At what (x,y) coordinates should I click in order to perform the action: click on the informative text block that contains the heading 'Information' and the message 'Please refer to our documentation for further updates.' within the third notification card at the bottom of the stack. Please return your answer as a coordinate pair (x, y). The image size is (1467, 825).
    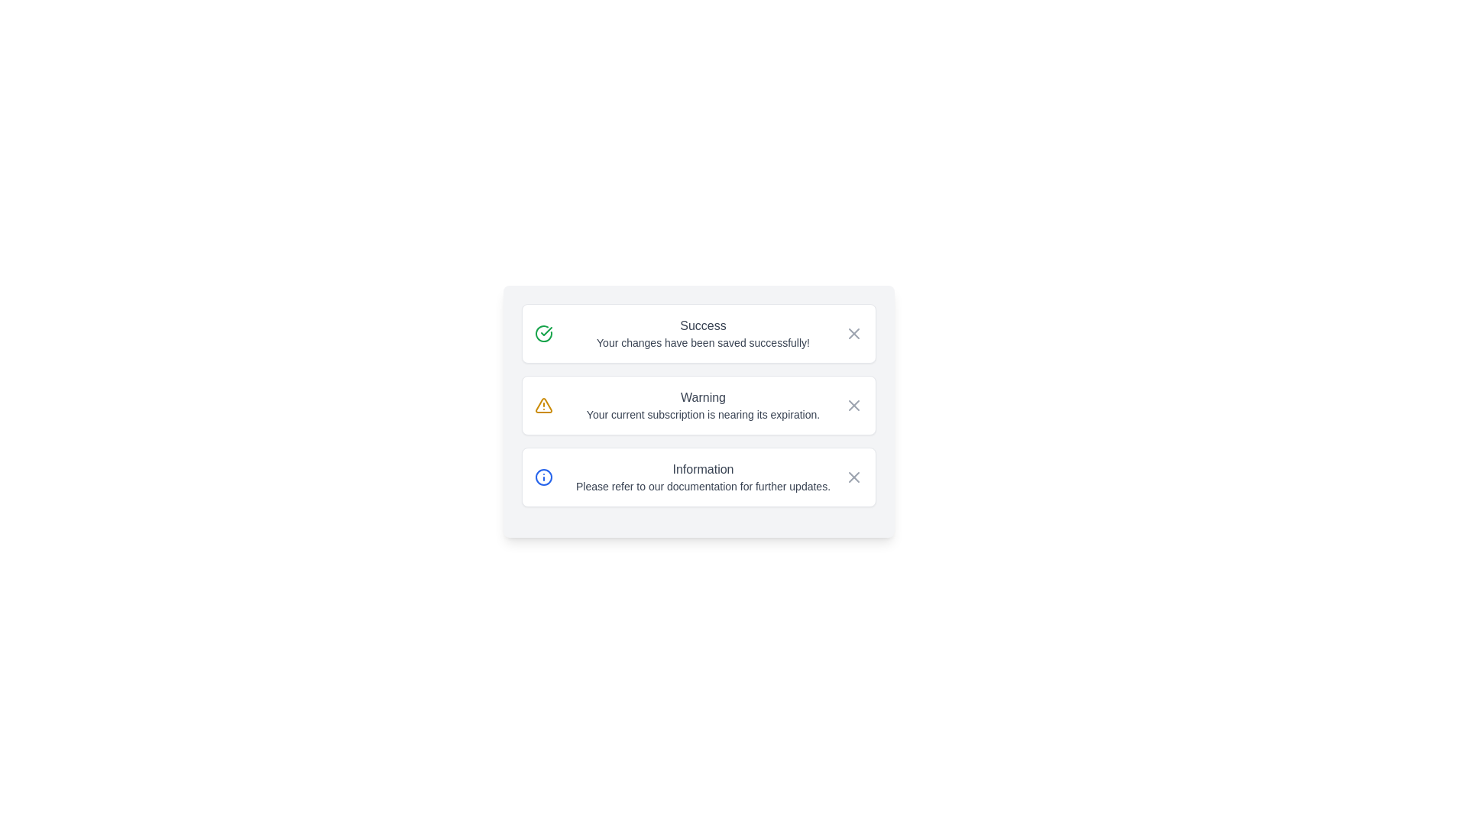
    Looking at the image, I should click on (702, 476).